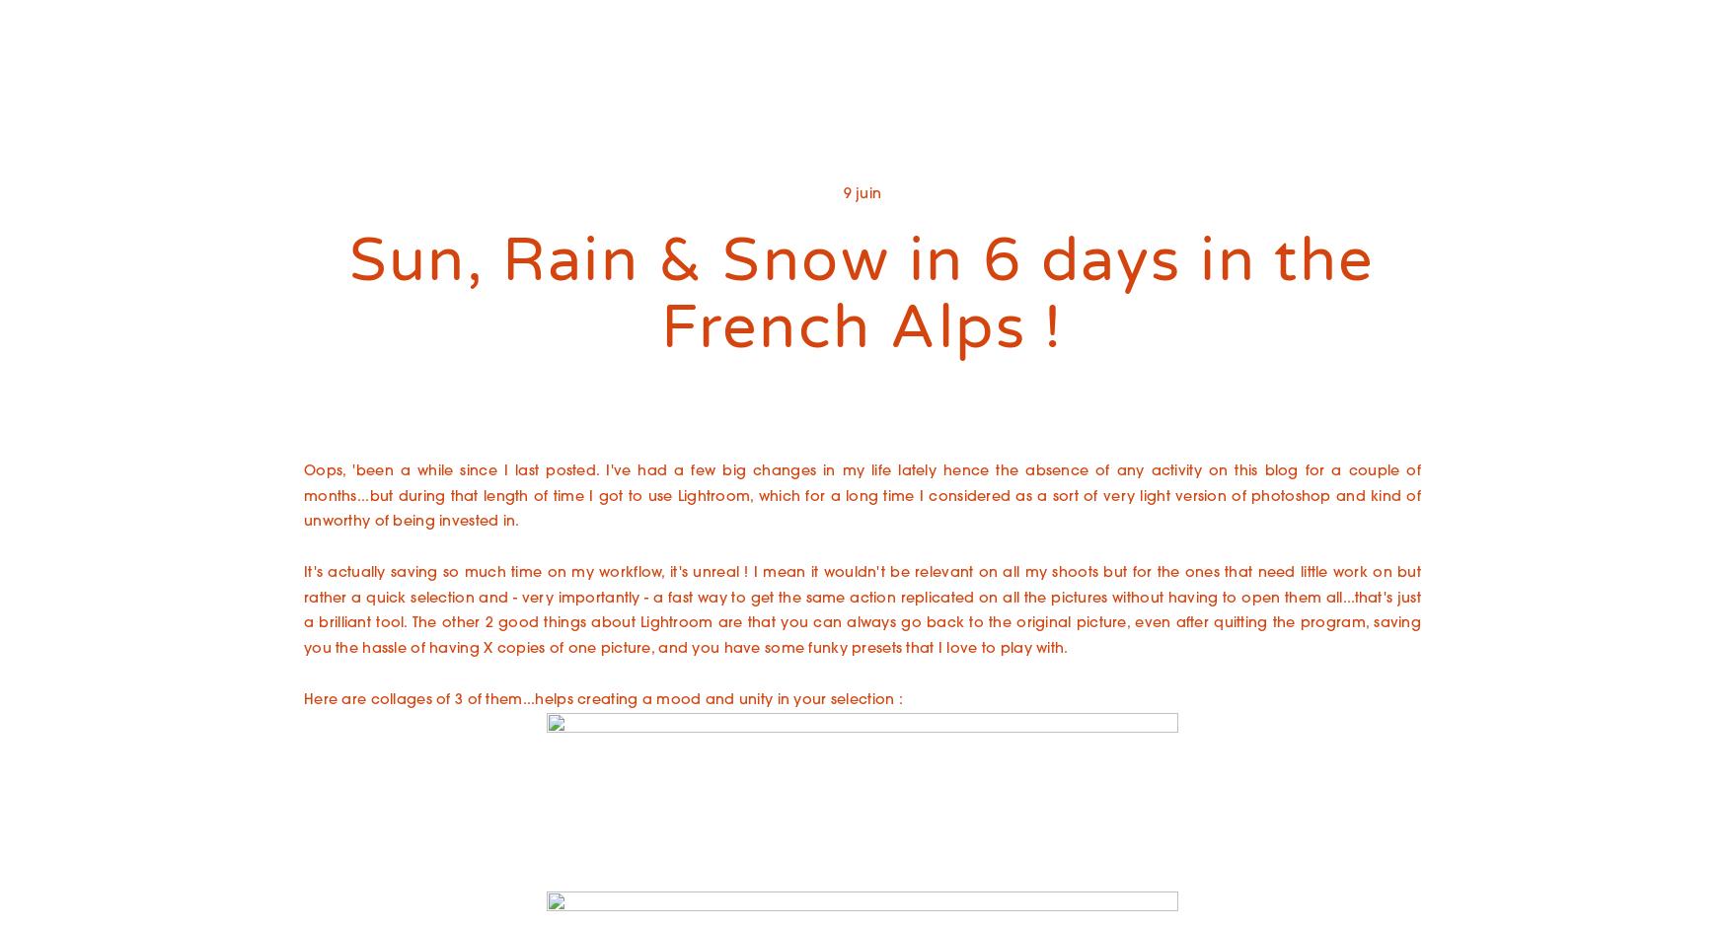 The image size is (1725, 926). Describe the element at coordinates (845, 165) in the screenshot. I see `'Entrepreneurs : Branding et singularité'` at that location.